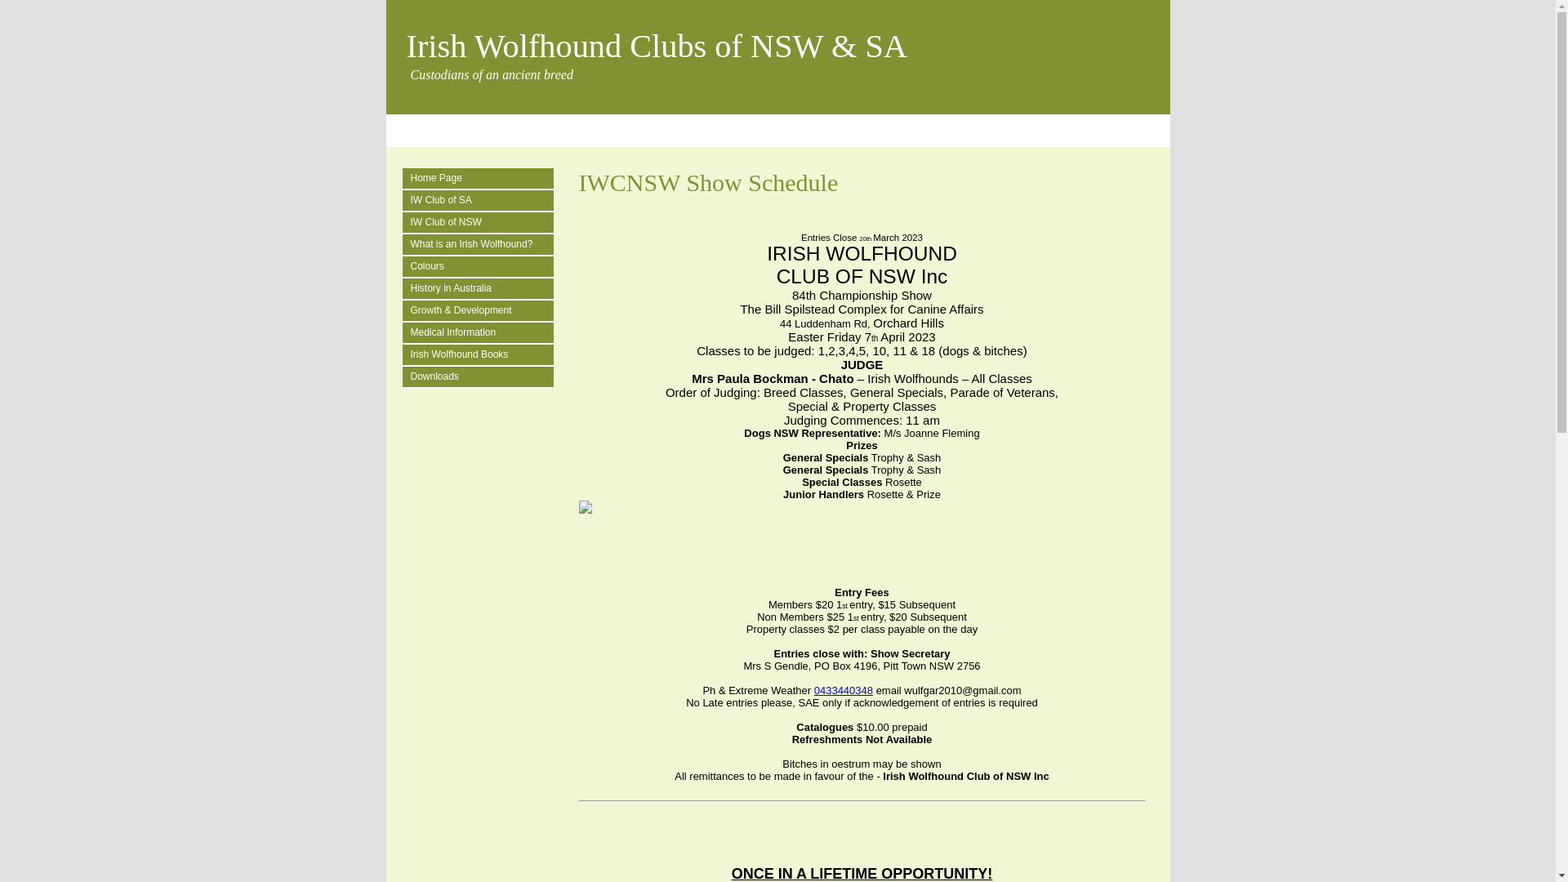  I want to click on 'What is an Irish Wolfhound?', so click(410, 244).